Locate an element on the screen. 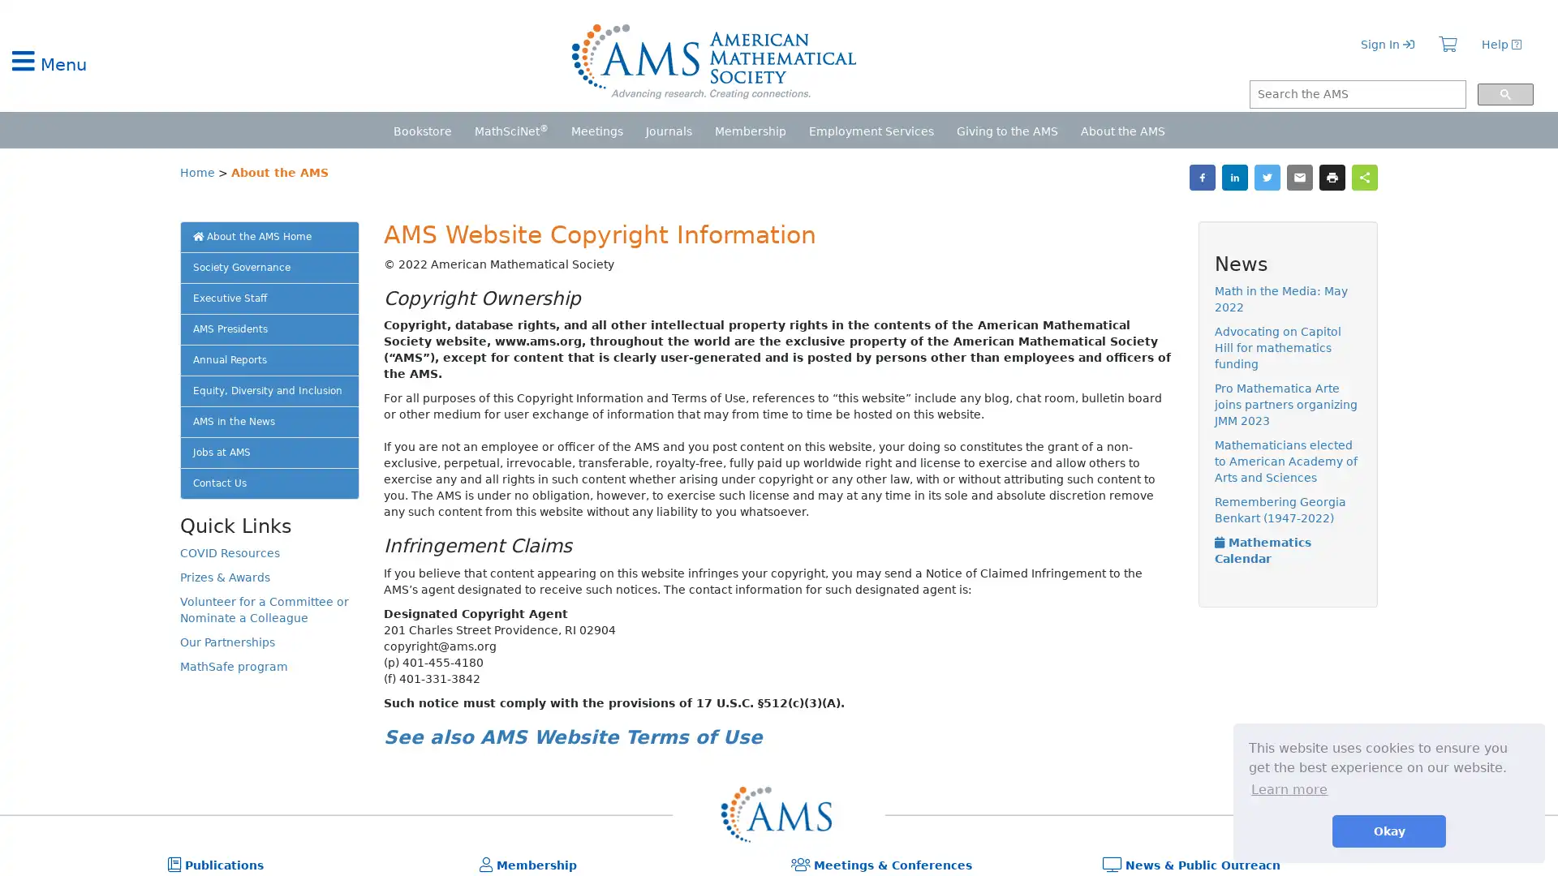 The image size is (1558, 876). dismiss cookie message is located at coordinates (1388, 831).